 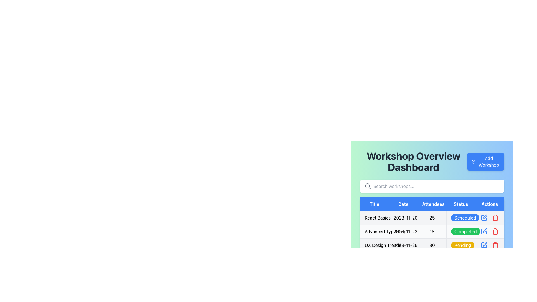 I want to click on the non-interactive text label displaying the date for 'UX Design Trends', located in the second column of its row, so click(x=403, y=245).